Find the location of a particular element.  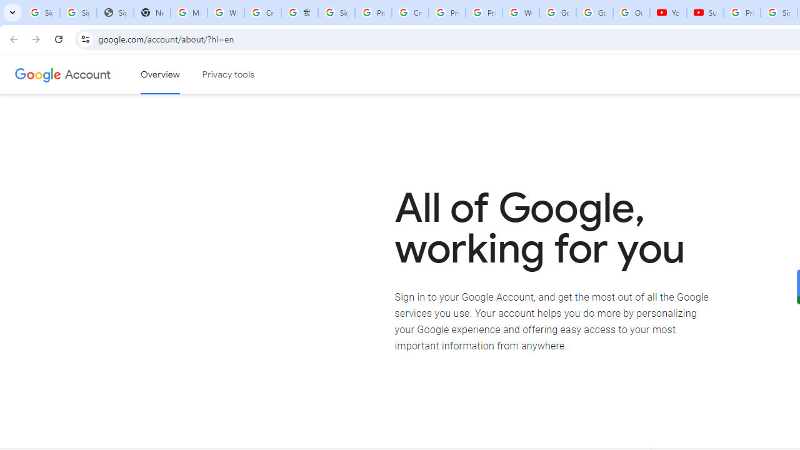

'New Tab' is located at coordinates (151, 12).